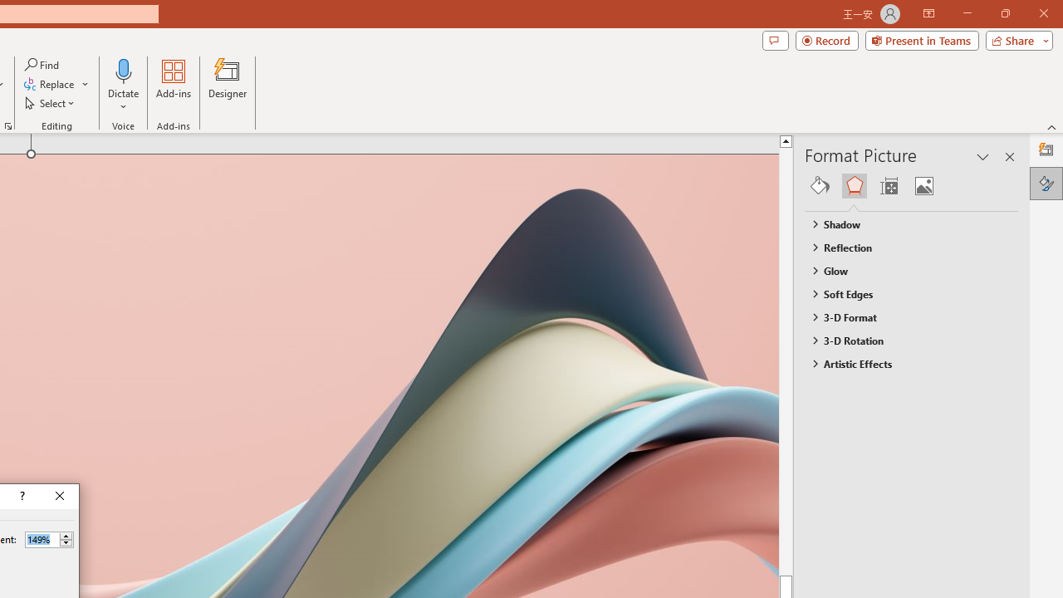  Describe the element at coordinates (42, 64) in the screenshot. I see `'Find...'` at that location.